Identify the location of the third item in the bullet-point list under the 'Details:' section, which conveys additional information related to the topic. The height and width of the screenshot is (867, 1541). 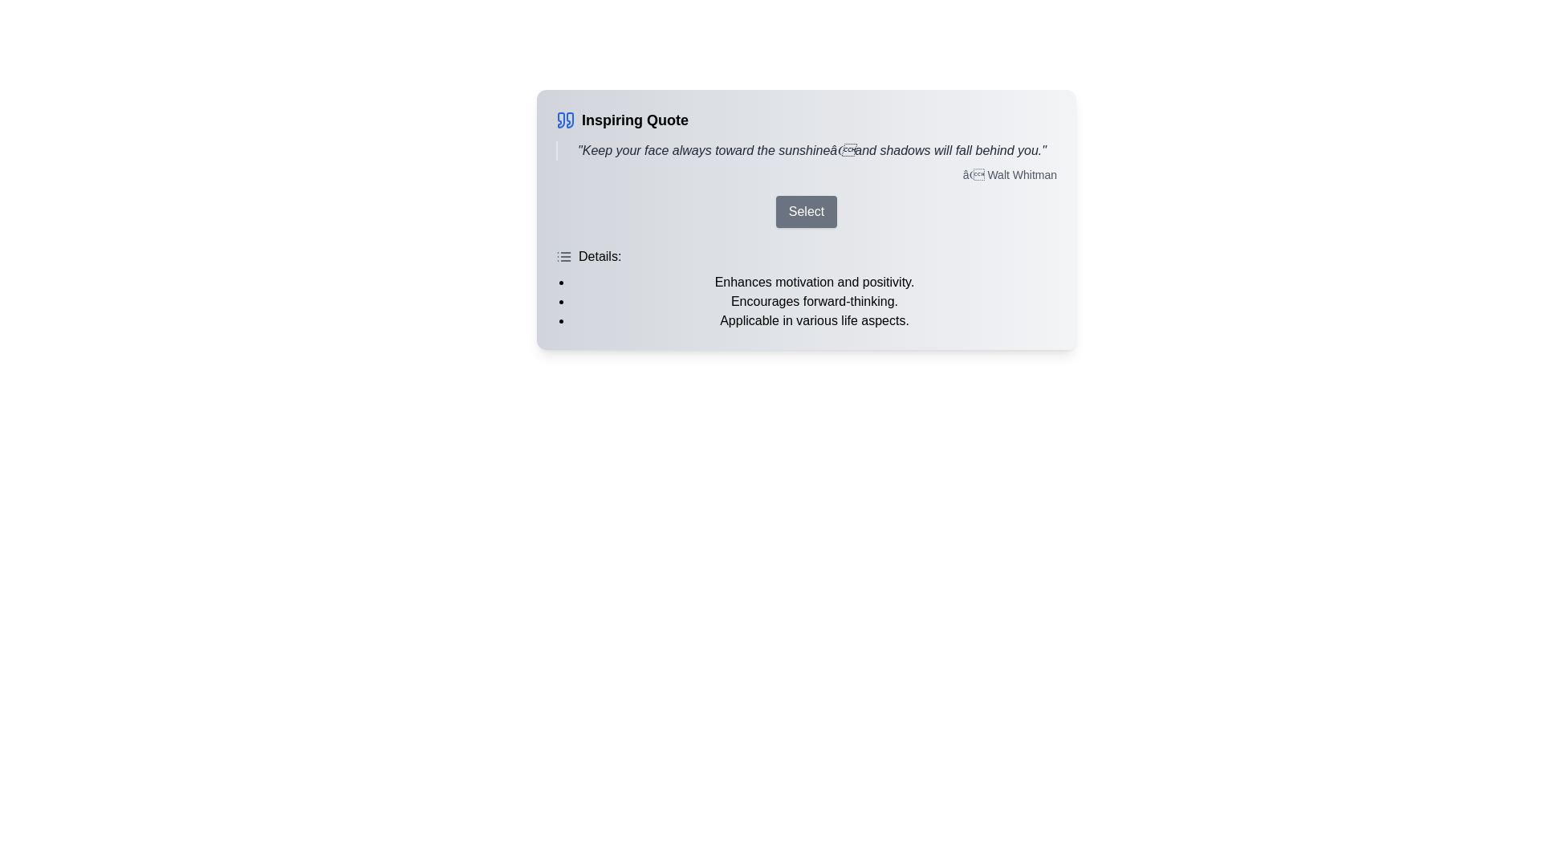
(814, 321).